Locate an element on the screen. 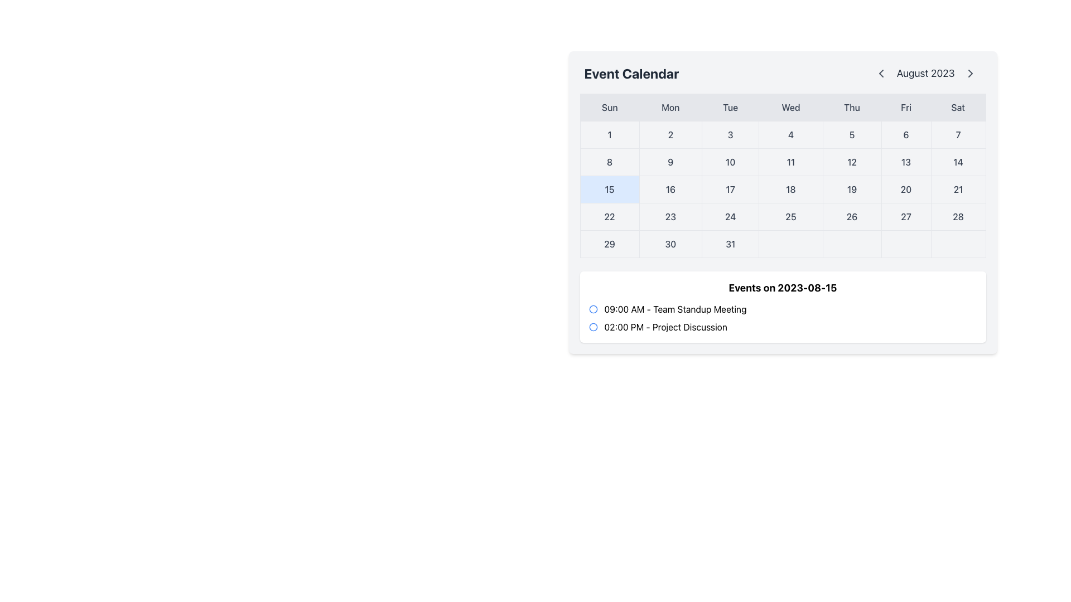 The height and width of the screenshot is (602, 1071). the Static Label displaying 'Wed', which is the fourth label from the left in a horizontal row of weekday labels at the top of the calendar view is located at coordinates (790, 107).